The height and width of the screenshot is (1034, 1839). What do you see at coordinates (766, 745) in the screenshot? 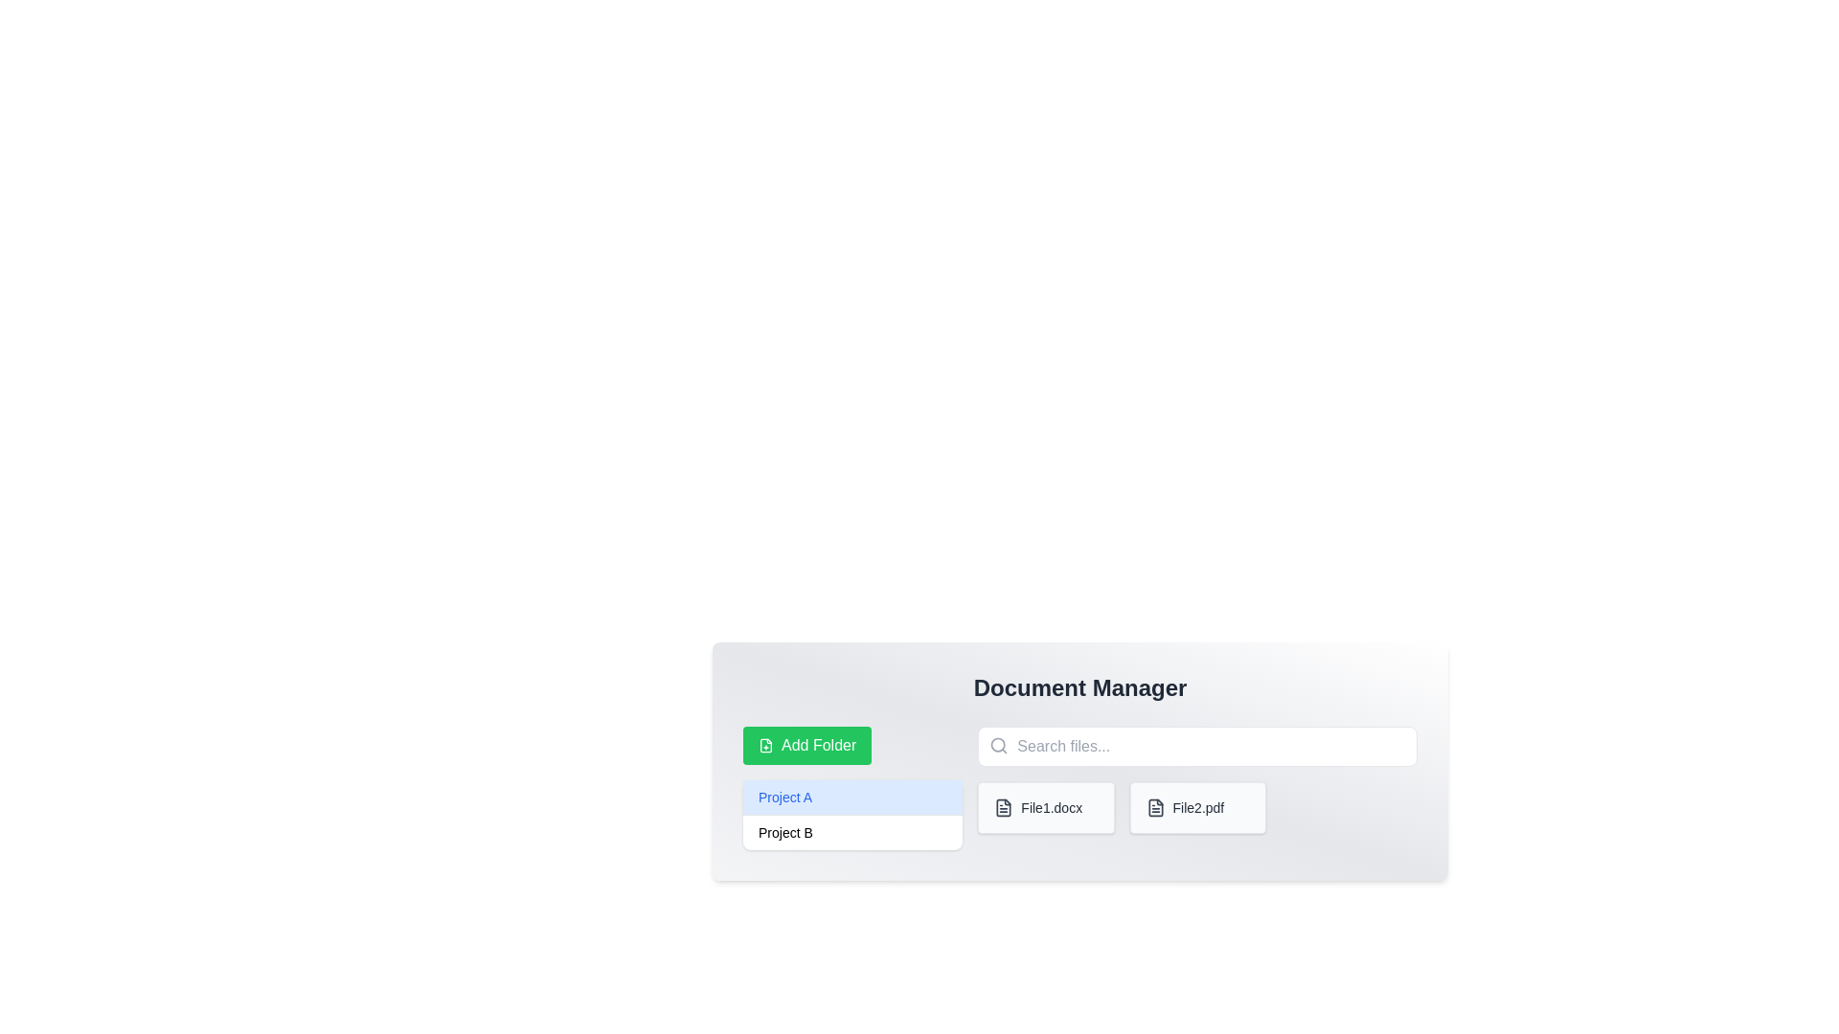
I see `the minimalistic document icon with a plus sign located to the left of the 'Add Folder' text within the green rectangular button` at bounding box center [766, 745].